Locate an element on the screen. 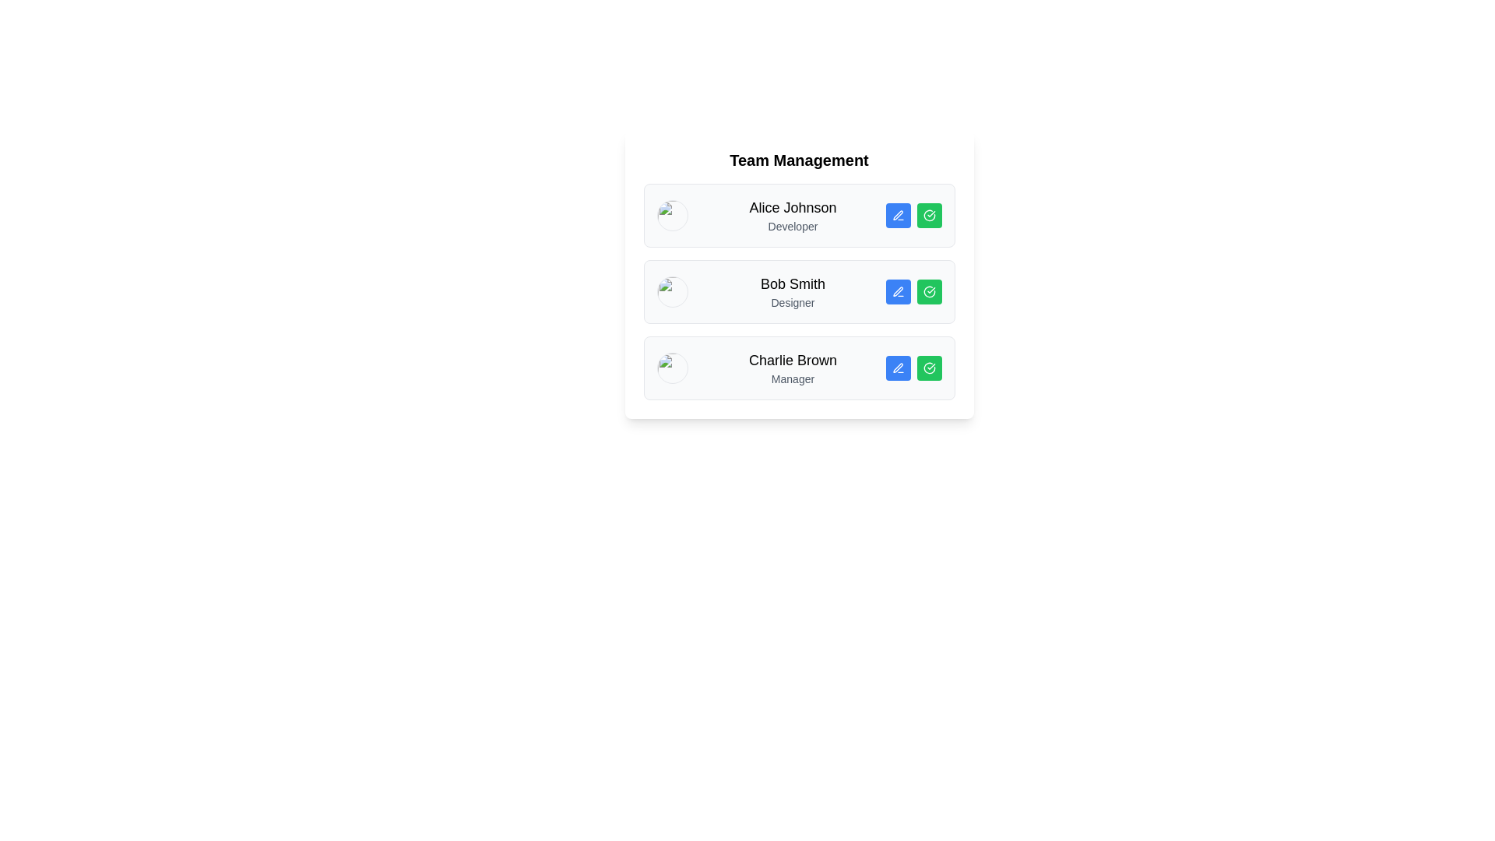 This screenshot has height=841, width=1495. the circular green checkmark icon associated with 'Bob Smith Designer' in the second row of the list is located at coordinates (929, 291).